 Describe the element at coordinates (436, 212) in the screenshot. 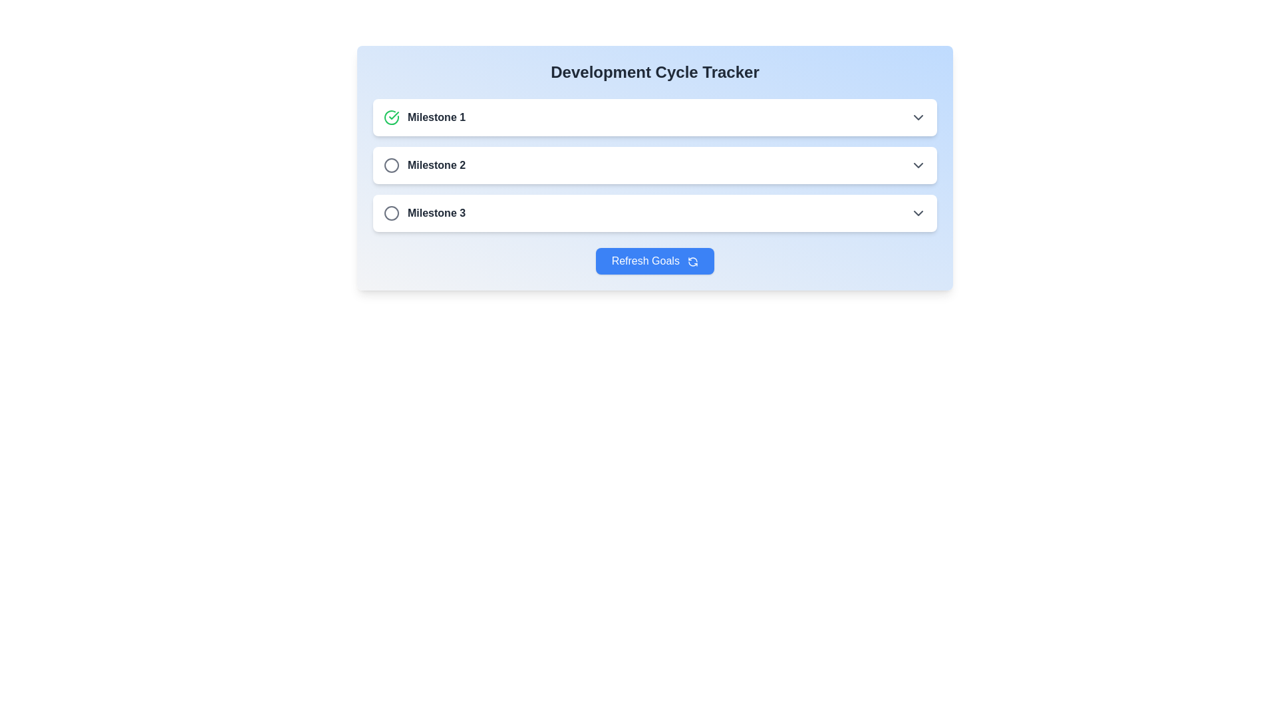

I see `the third milestone text label that identifies the associated radio button in the sequence` at that location.